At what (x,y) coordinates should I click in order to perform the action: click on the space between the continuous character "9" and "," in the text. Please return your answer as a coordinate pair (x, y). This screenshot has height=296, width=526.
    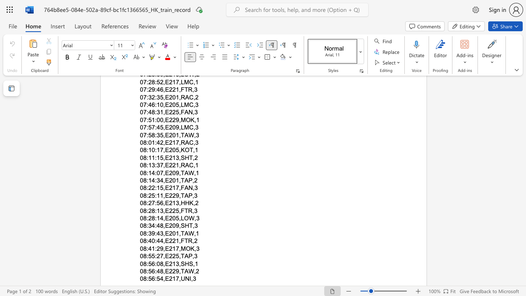
    Looking at the image, I should click on (178, 226).